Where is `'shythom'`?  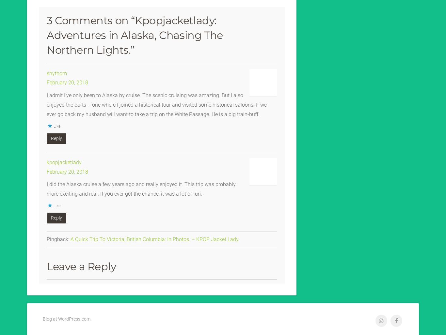 'shythom' is located at coordinates (56, 72).